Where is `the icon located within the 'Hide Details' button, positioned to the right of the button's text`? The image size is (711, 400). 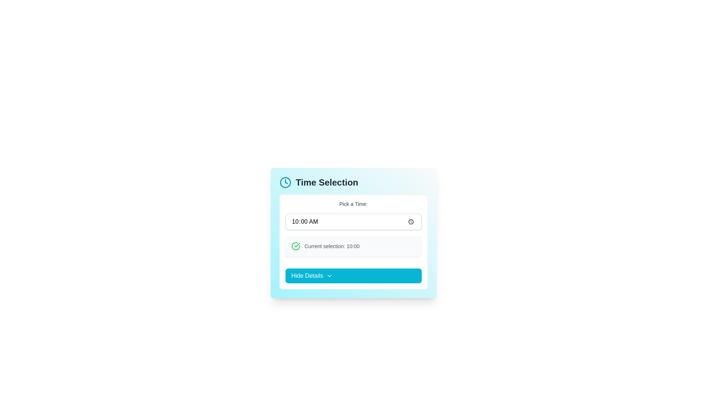 the icon located within the 'Hide Details' button, positioned to the right of the button's text is located at coordinates (329, 276).